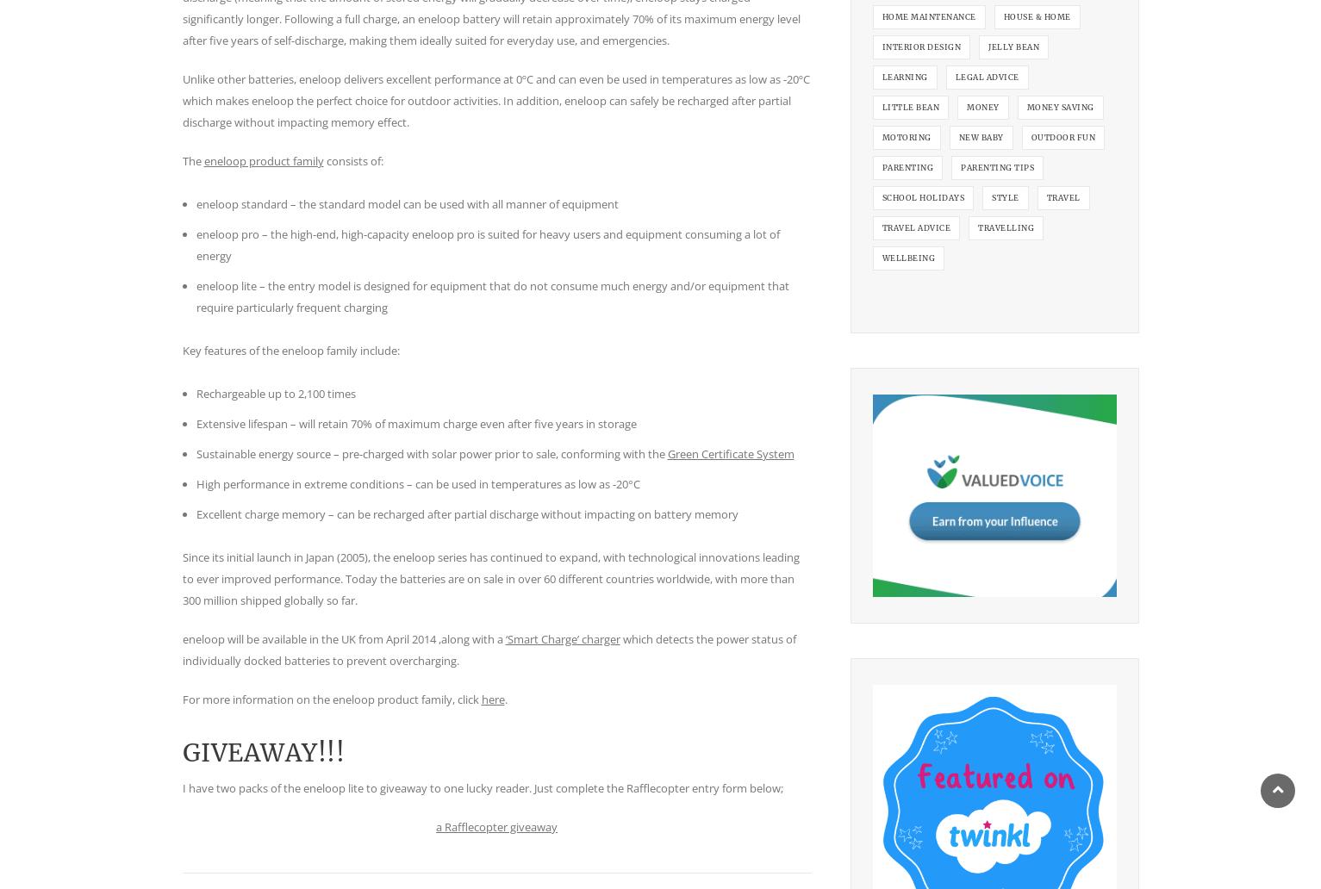 The height and width of the screenshot is (889, 1321). Describe the element at coordinates (986, 76) in the screenshot. I see `'Legal advice'` at that location.